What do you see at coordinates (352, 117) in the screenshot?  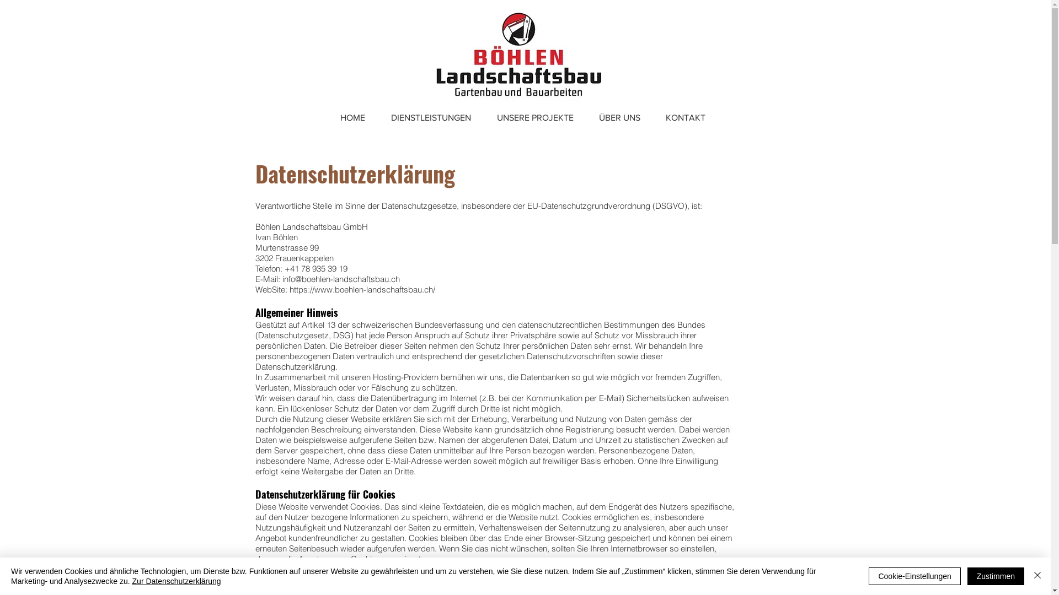 I see `'HOME'` at bounding box center [352, 117].